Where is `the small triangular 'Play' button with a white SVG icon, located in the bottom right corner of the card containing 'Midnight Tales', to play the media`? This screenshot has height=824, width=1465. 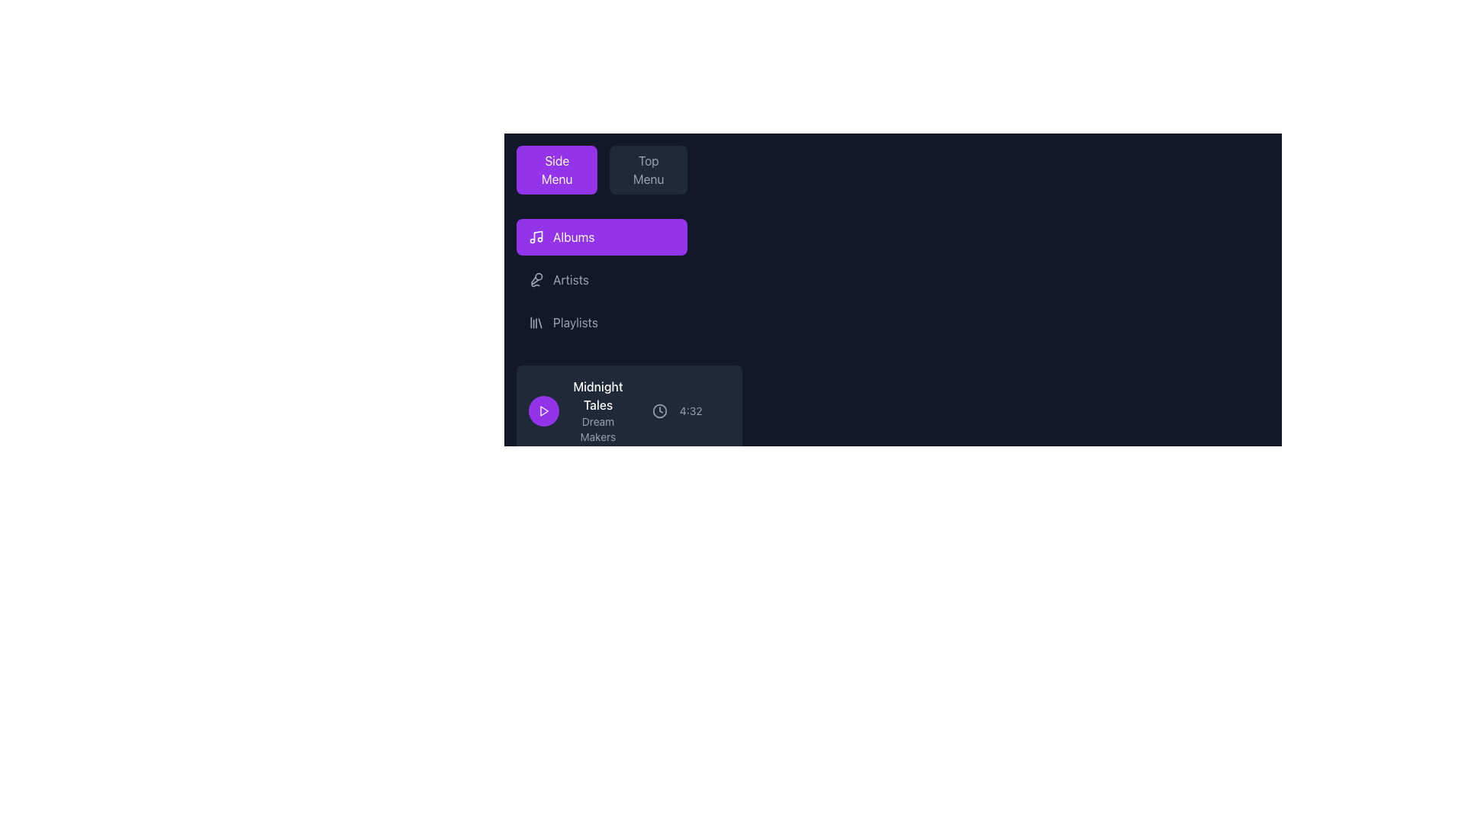
the small triangular 'Play' button with a white SVG icon, located in the bottom right corner of the card containing 'Midnight Tales', to play the media is located at coordinates (544, 410).